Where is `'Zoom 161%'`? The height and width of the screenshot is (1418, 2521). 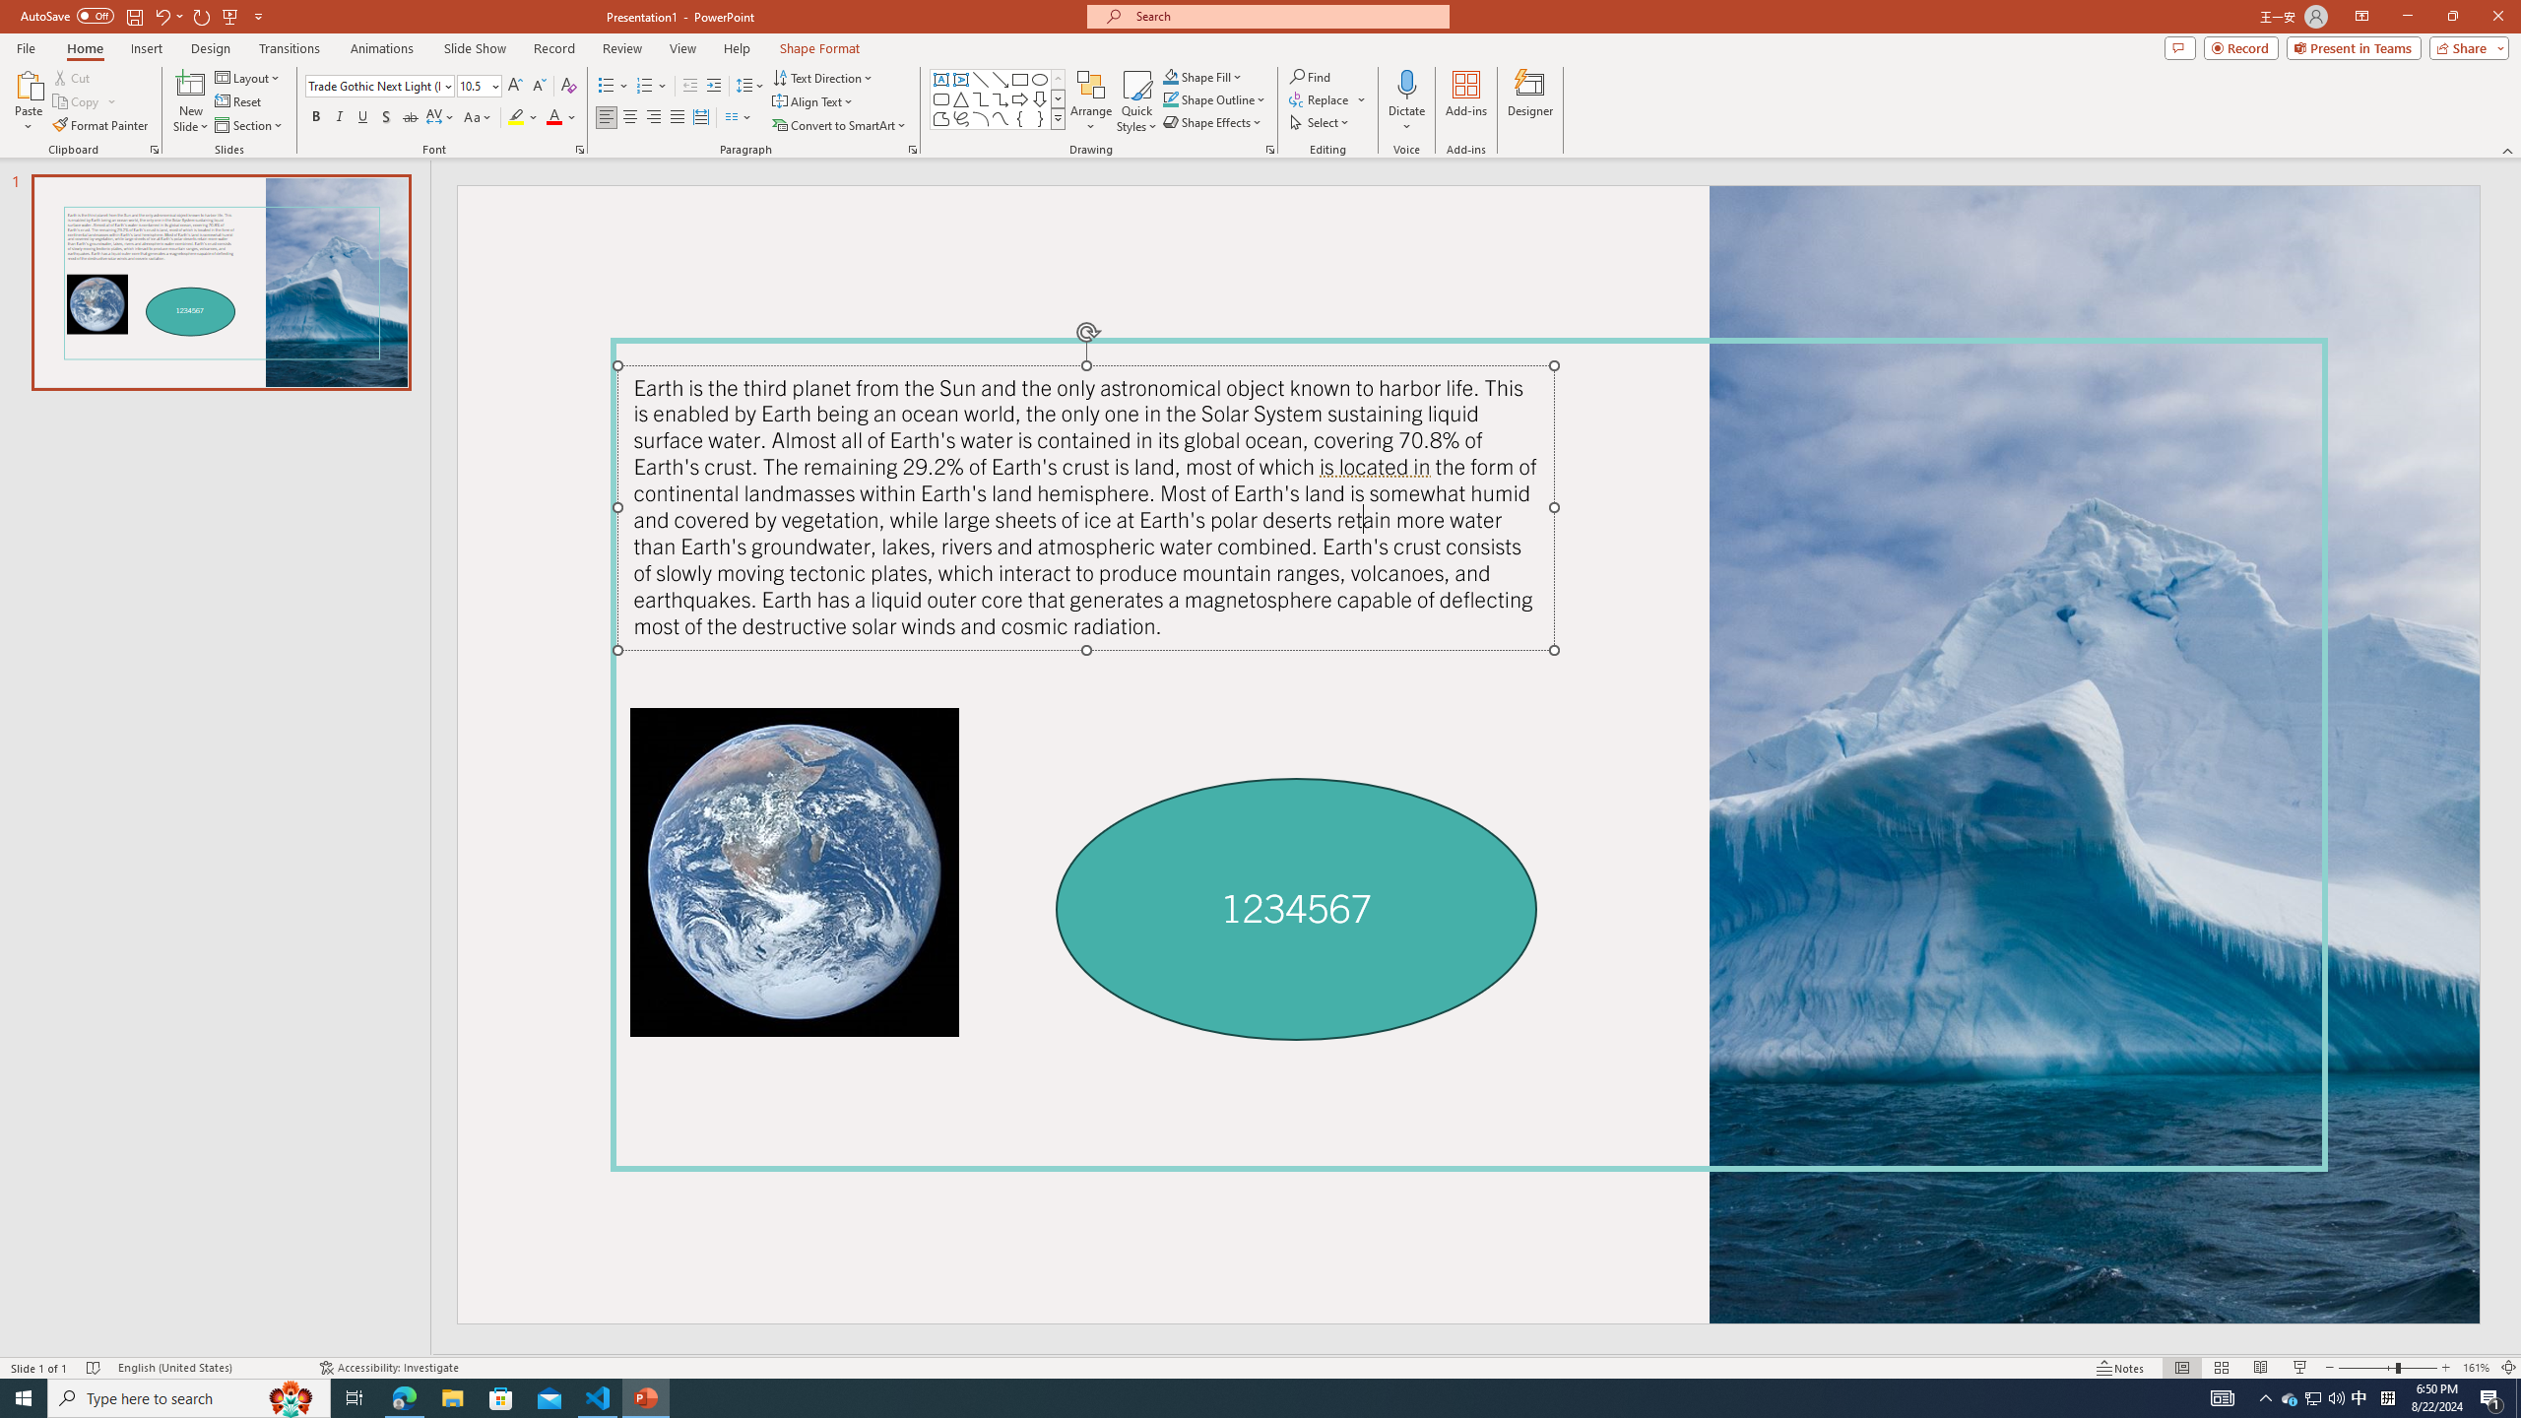 'Zoom 161%' is located at coordinates (2477, 1368).